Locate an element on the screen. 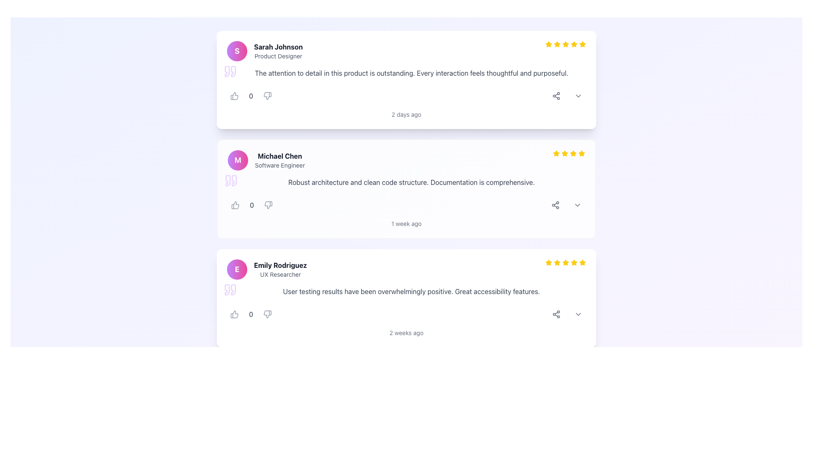  the circular share button icon within the comment card by 'Michael Chen' is located at coordinates (555, 205).